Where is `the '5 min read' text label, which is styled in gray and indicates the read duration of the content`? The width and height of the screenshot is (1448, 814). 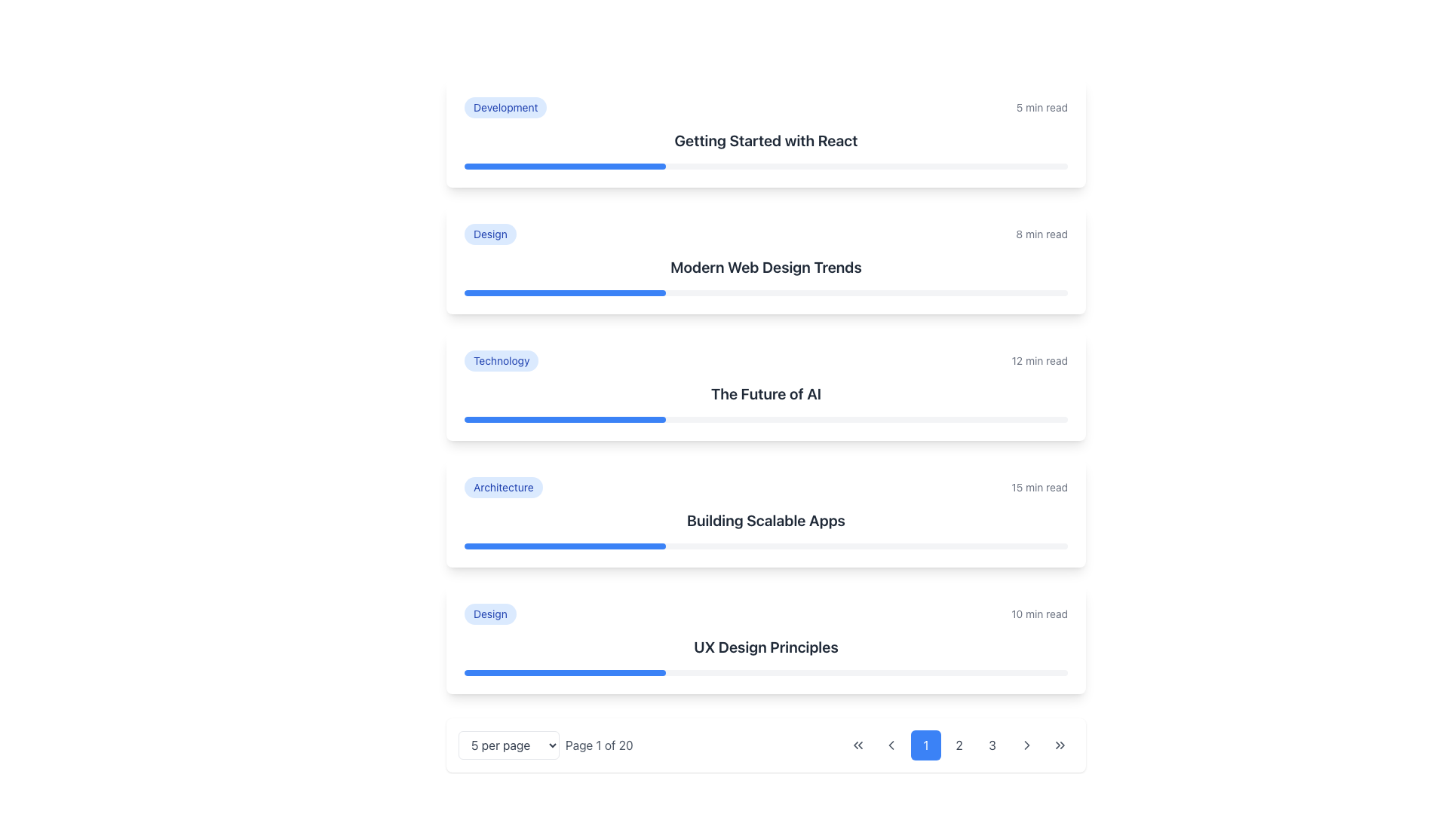 the '5 min read' text label, which is styled in gray and indicates the read duration of the content is located at coordinates (1041, 106).